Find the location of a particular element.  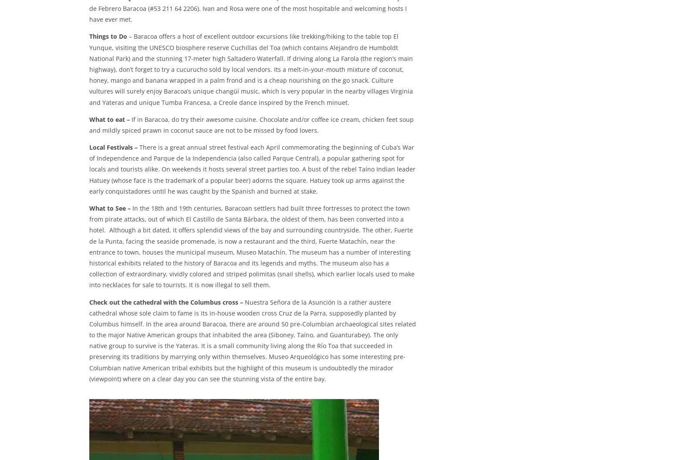

'Nuestra Señora de la Asunción is a rather austere cathedral whose sole claim to fame is its in-house wooden cross Cruz de la Parra, supposedly planted by Columbus himself. In the area around Baracoa, there are around 50 pre-Columbian archaeological sites related to the major Native American groups that inhabited the area (Siboney, Taíno, and Guanturabey). The only native group to survive is the Yateras. It is a small community living along the Río Toa that succeeded in preserving its traditions by marrying only within themselves. Museo Arqueológico has some interesting pre-Columbian native American tribal exhibits but the highlight of this museum is undoubtedly the mirador (viewpoint) where on a clear day you can see the stunning vista of the entire bay.' is located at coordinates (253, 341).